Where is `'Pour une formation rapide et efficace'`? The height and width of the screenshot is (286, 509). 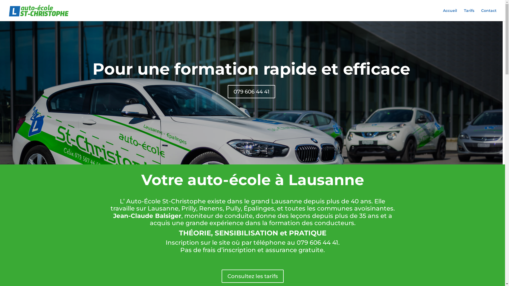
'Pour une formation rapide et efficace' is located at coordinates (93, 68).